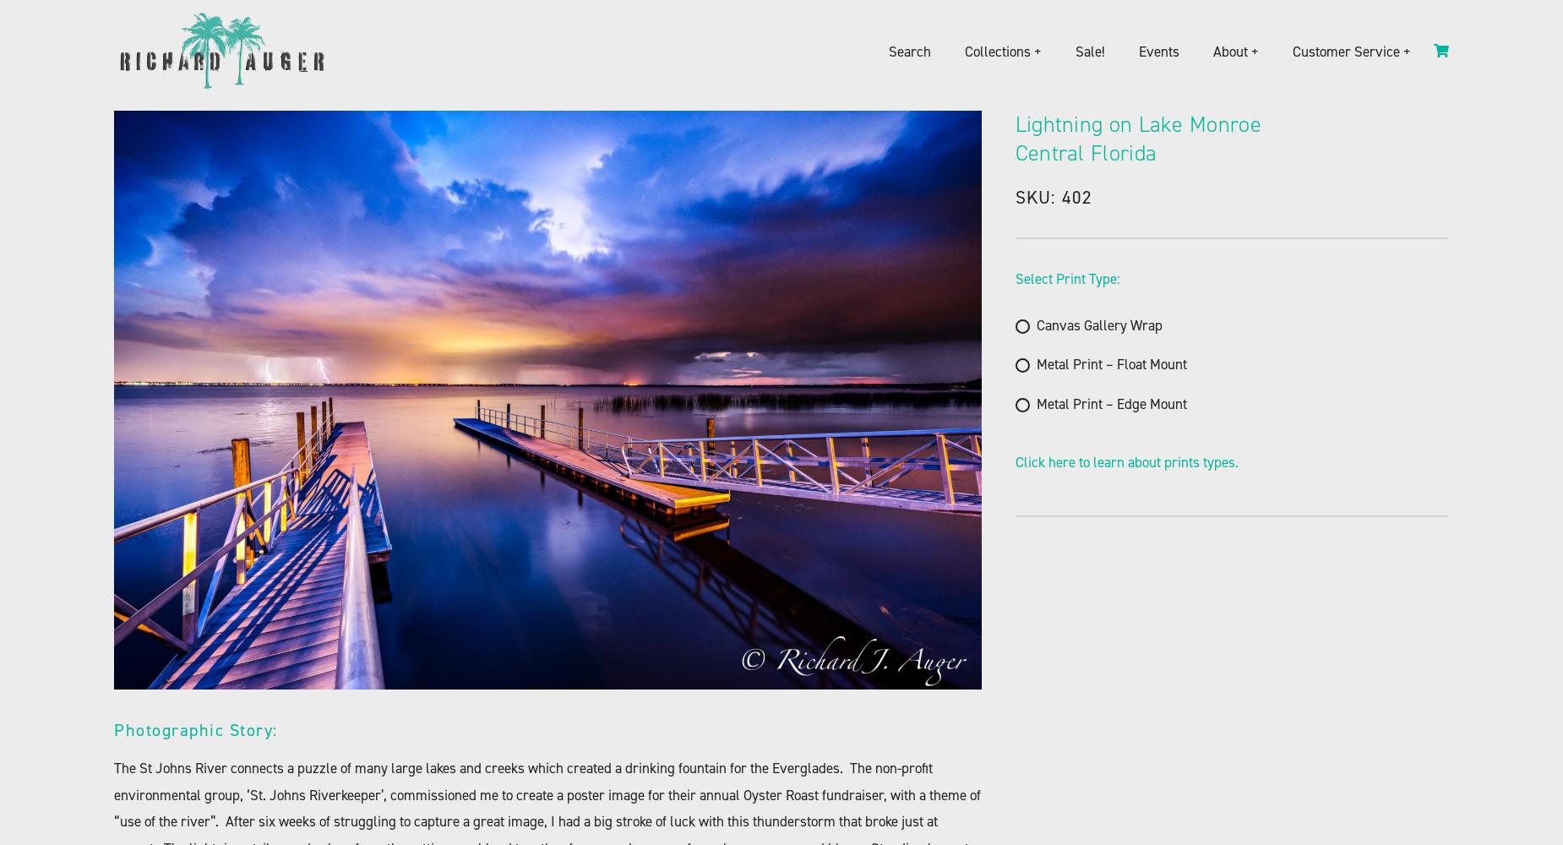 This screenshot has height=845, width=1563. I want to click on 'Click here to learn about prints types.', so click(1125, 461).